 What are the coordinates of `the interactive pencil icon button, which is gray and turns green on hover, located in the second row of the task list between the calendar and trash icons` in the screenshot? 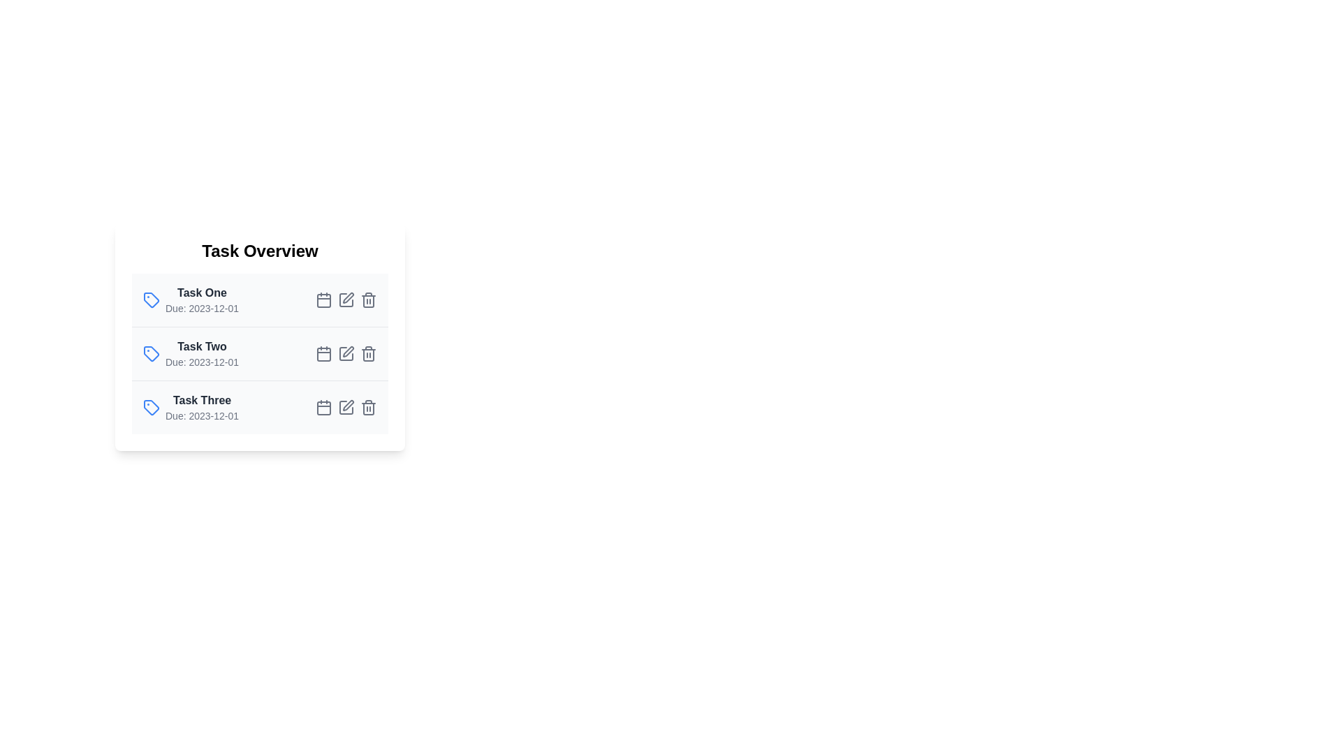 It's located at (346, 353).